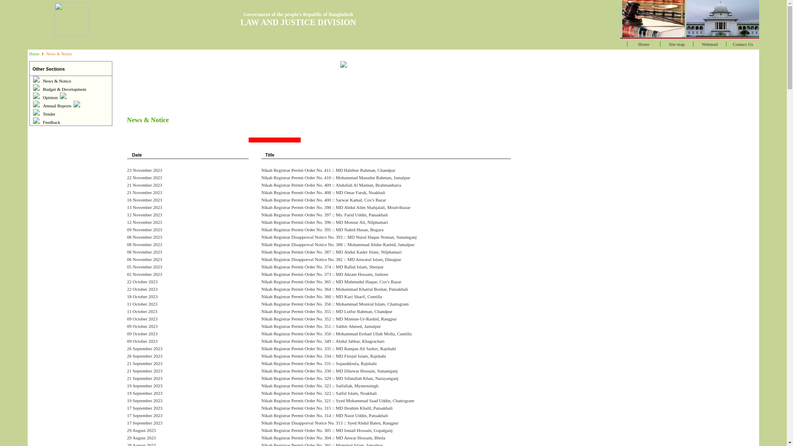 This screenshot has width=793, height=446. Describe the element at coordinates (55, 97) in the screenshot. I see `'Opinion  '` at that location.